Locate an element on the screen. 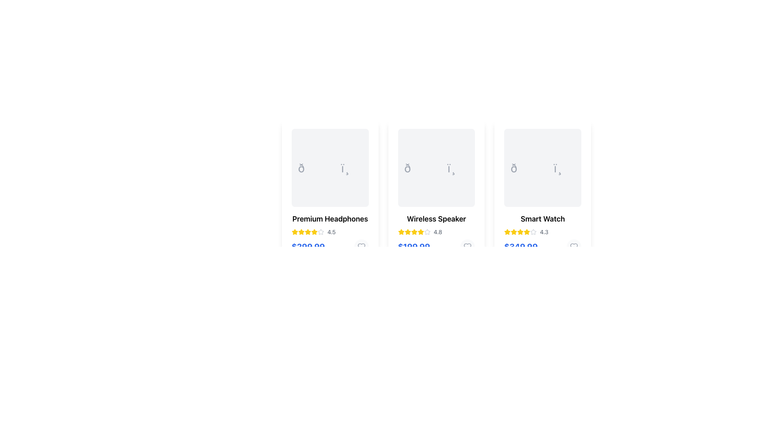  the third yellow star icon in the rating sequence, which indicates the rating status for the product card is located at coordinates (520, 232).